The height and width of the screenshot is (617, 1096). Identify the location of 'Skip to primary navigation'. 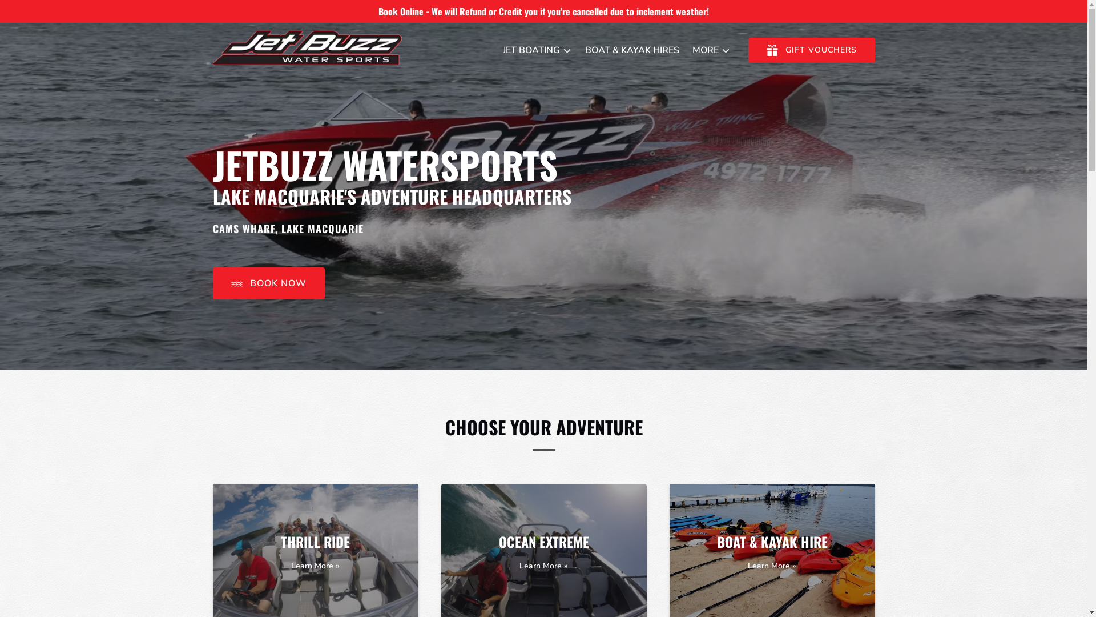
(5, 13).